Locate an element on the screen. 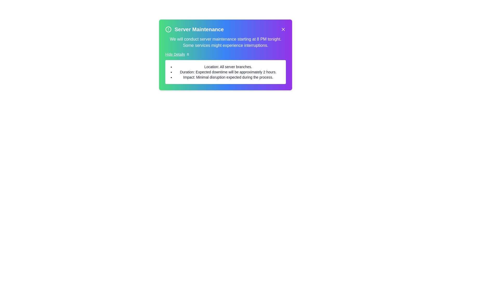  the alert icon to inspect its visual response is located at coordinates (168, 29).